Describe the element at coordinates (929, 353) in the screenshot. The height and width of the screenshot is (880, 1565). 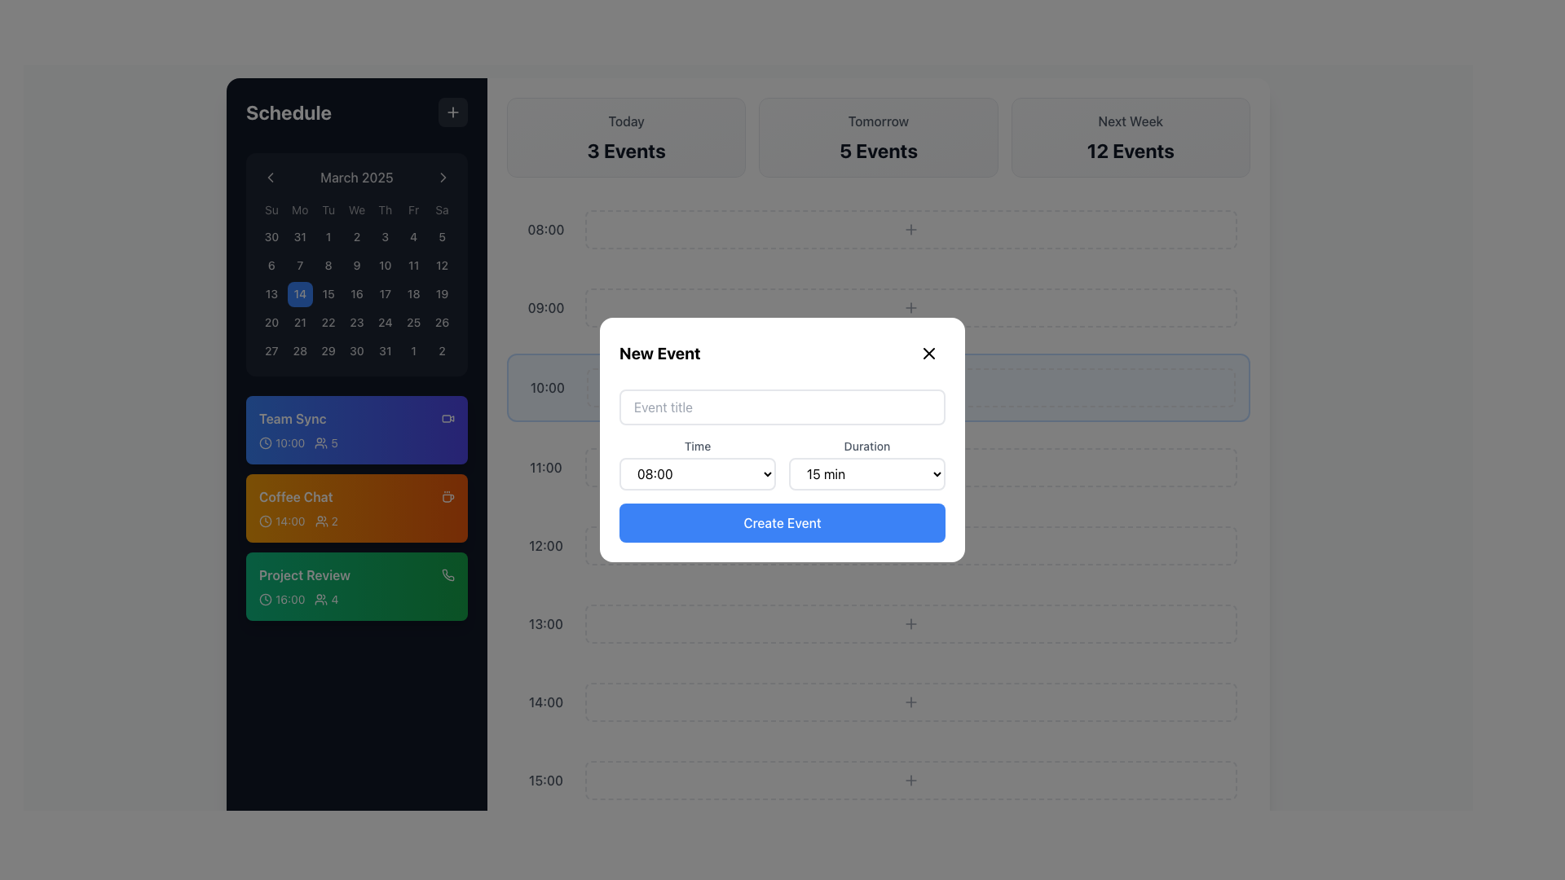
I see `the close button icon located in the top-right corner of the 'New Event' modal` at that location.